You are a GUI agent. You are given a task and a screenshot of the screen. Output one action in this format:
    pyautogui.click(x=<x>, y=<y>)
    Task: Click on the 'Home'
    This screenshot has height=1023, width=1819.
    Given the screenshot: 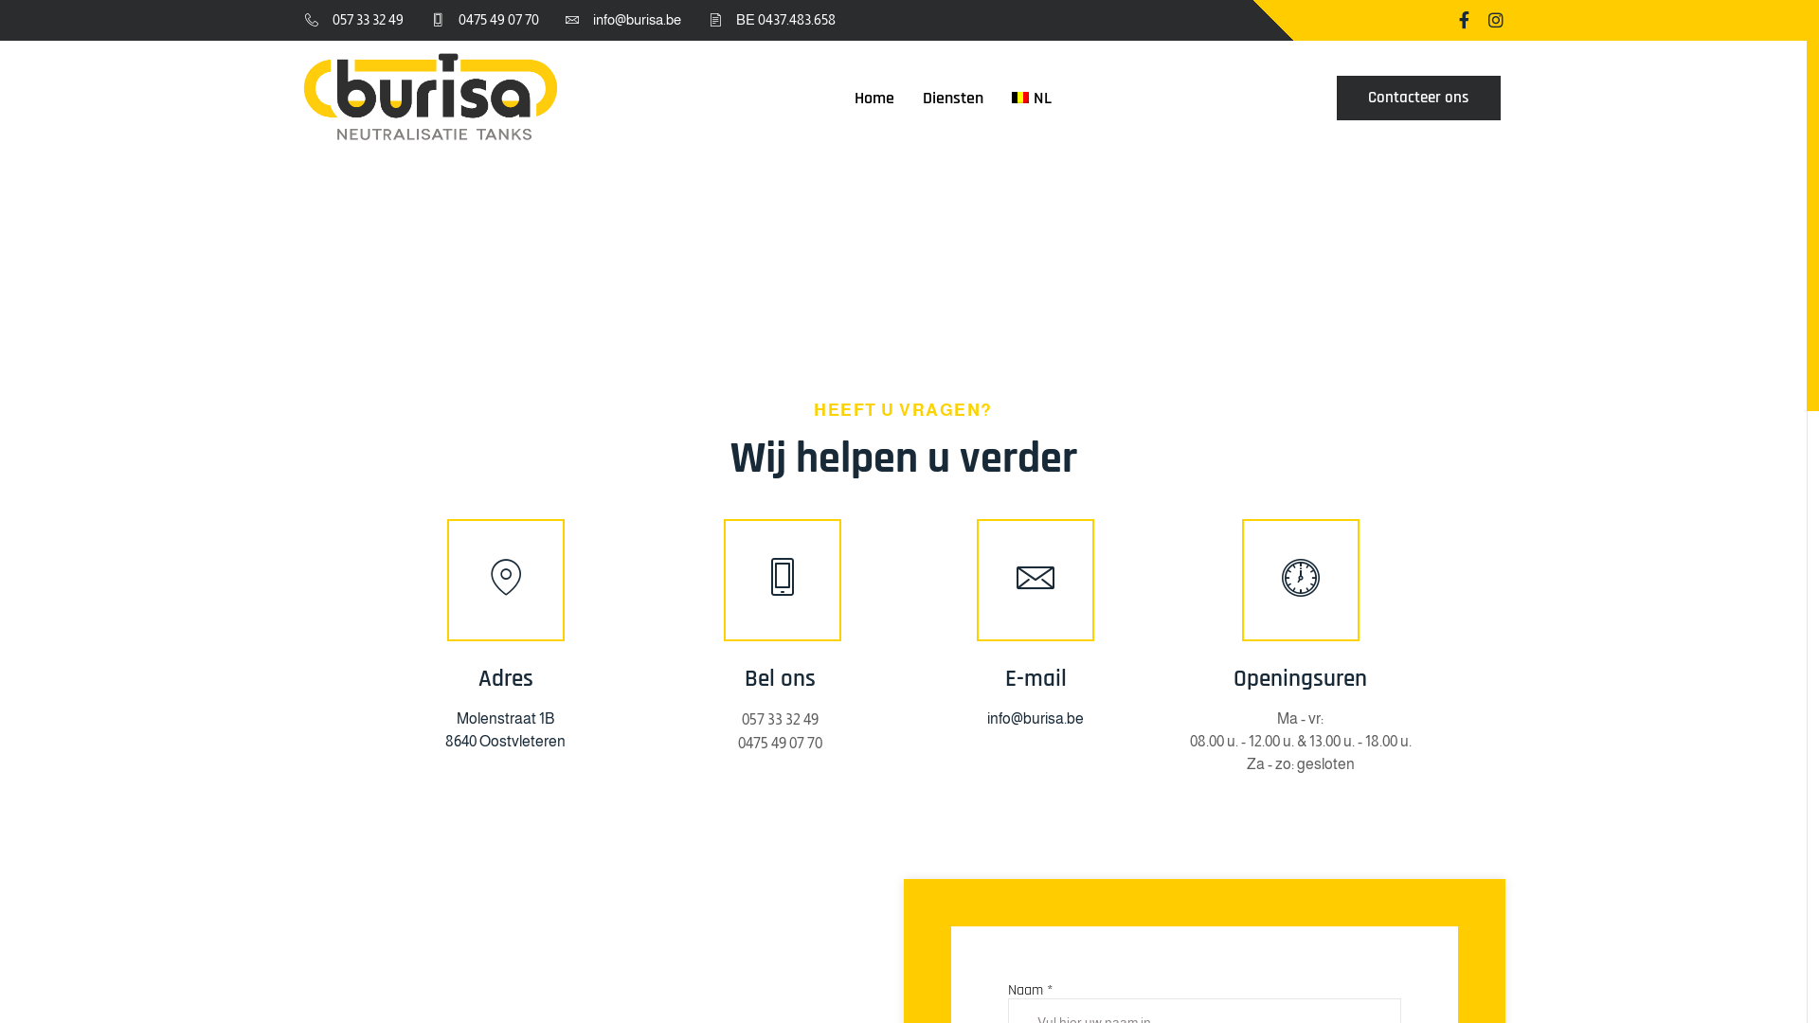 What is the action you would take?
    pyautogui.click(x=839, y=97)
    